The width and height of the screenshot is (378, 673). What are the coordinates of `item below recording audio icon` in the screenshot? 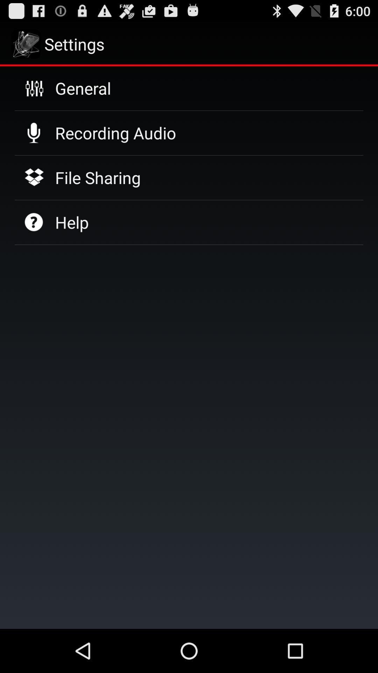 It's located at (98, 177).